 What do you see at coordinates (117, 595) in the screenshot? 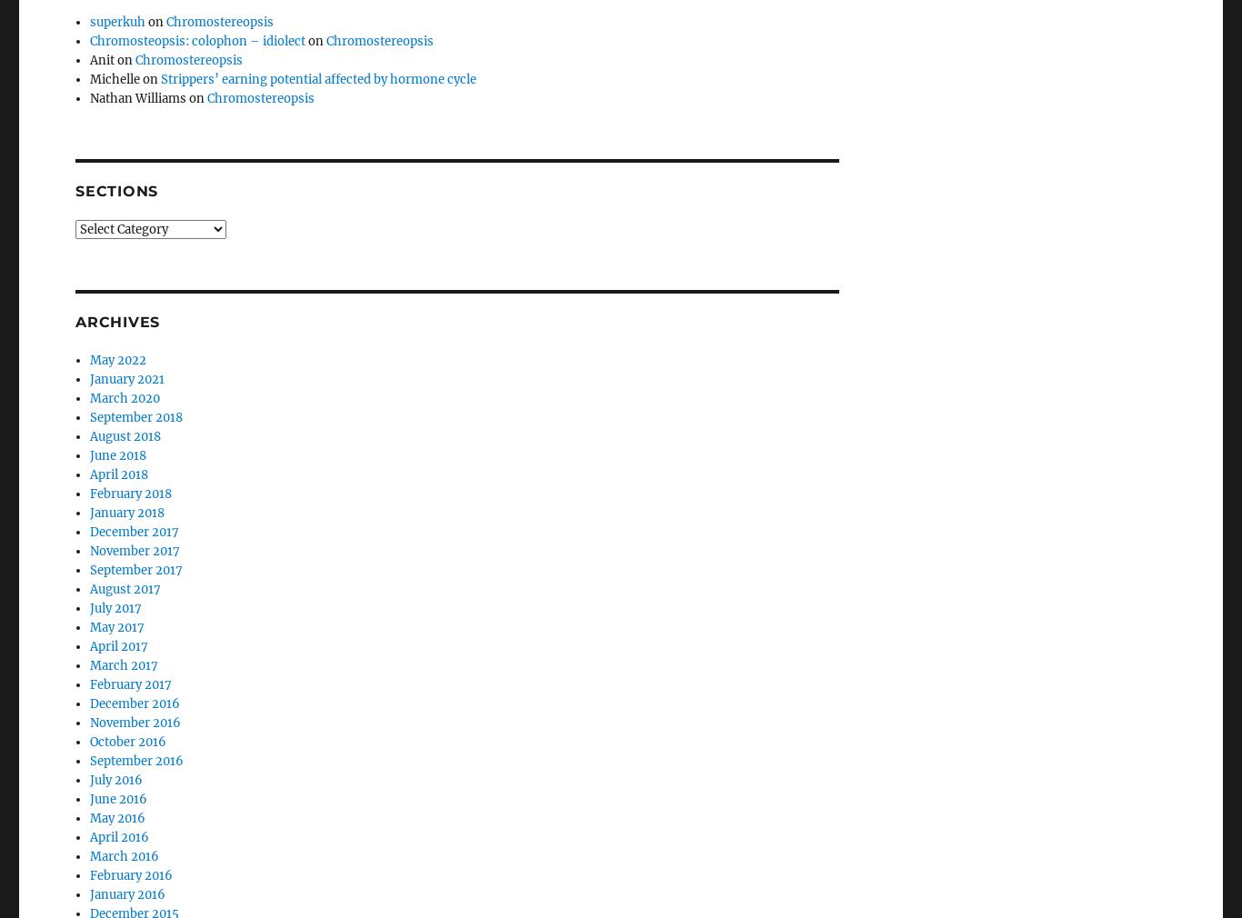
I see `'April 2017'` at bounding box center [117, 595].